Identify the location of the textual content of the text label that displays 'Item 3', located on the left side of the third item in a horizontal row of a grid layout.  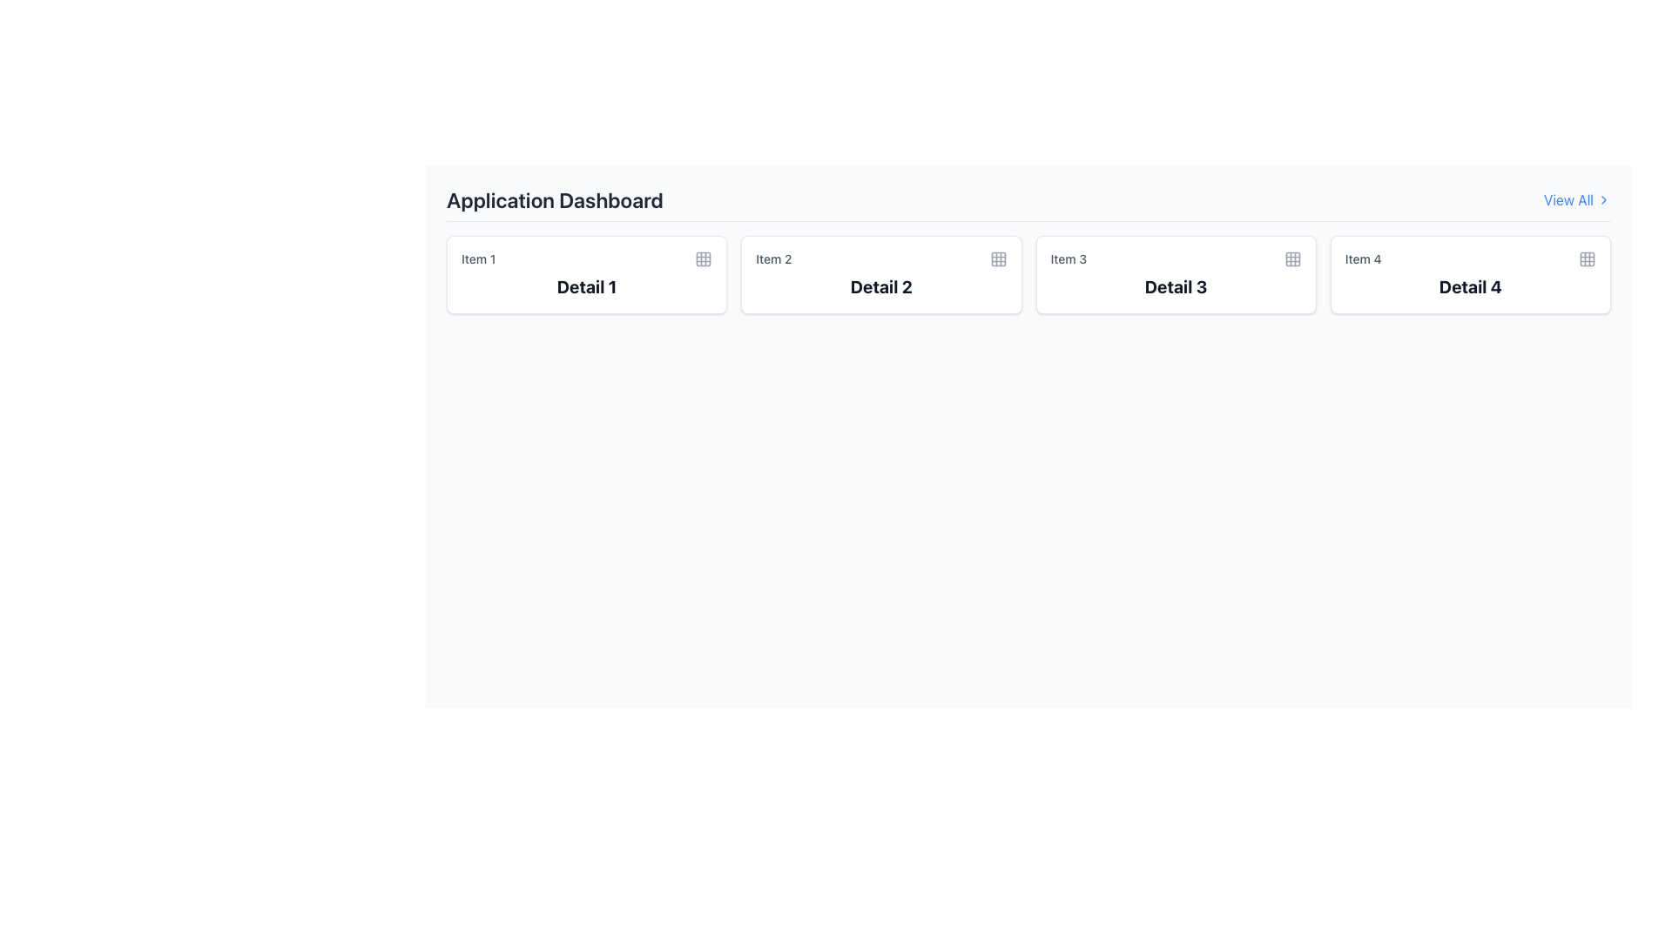
(1068, 258).